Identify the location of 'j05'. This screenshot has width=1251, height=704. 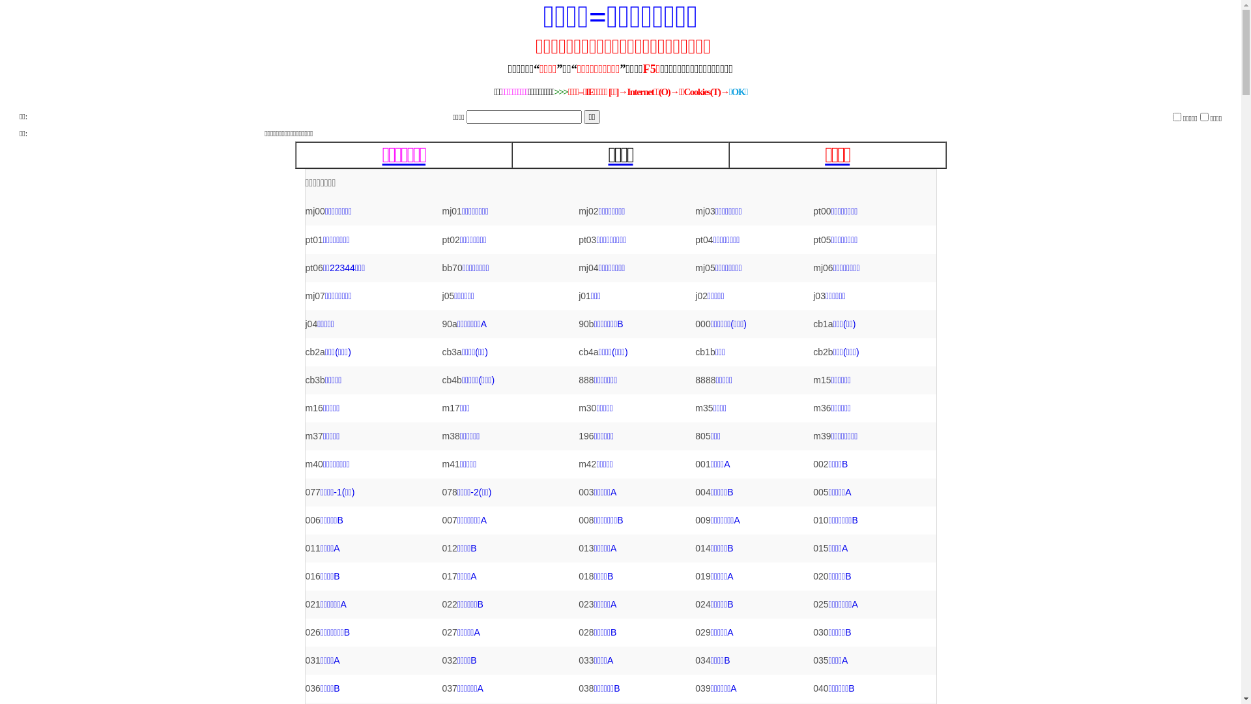
(448, 296).